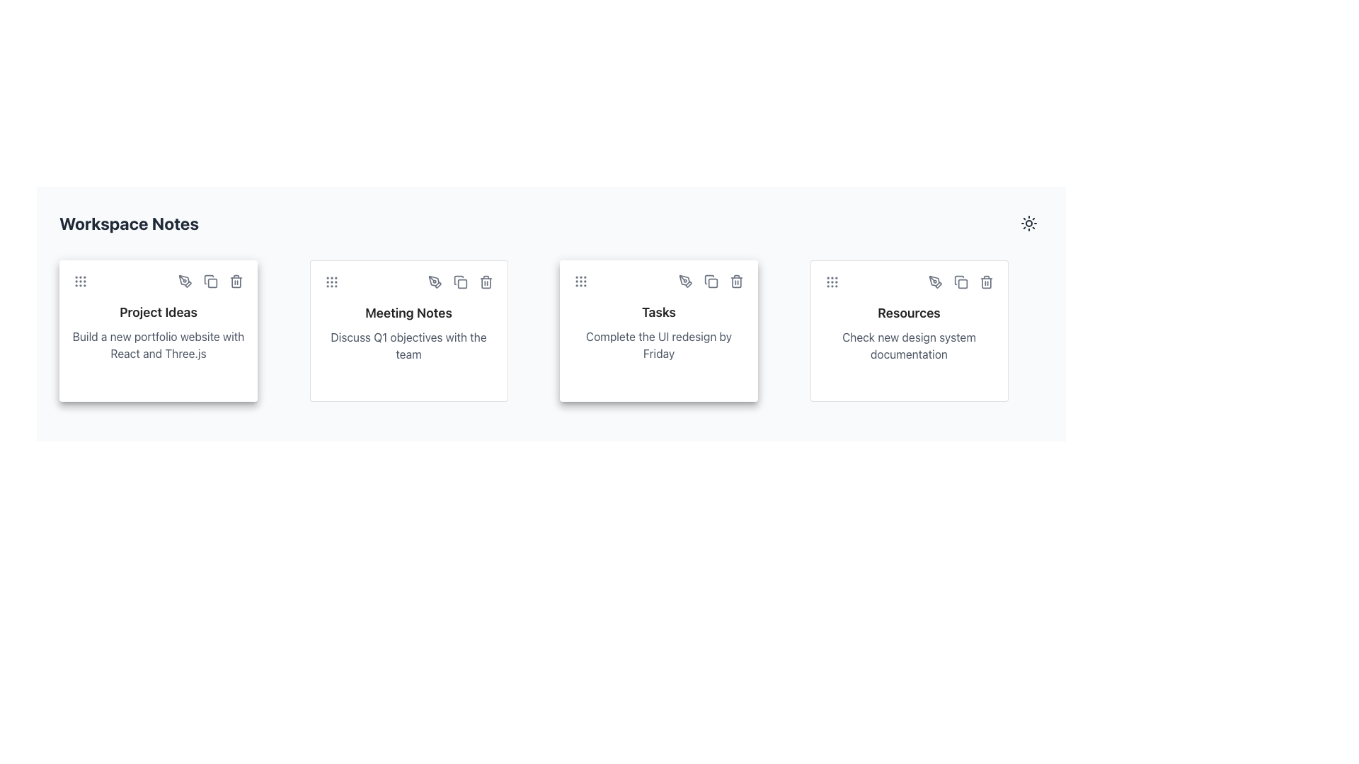 The height and width of the screenshot is (764, 1359). Describe the element at coordinates (210, 281) in the screenshot. I see `the copy action icon located in the top-right corner of the 'Project Ideas' card to copy the note's content` at that location.